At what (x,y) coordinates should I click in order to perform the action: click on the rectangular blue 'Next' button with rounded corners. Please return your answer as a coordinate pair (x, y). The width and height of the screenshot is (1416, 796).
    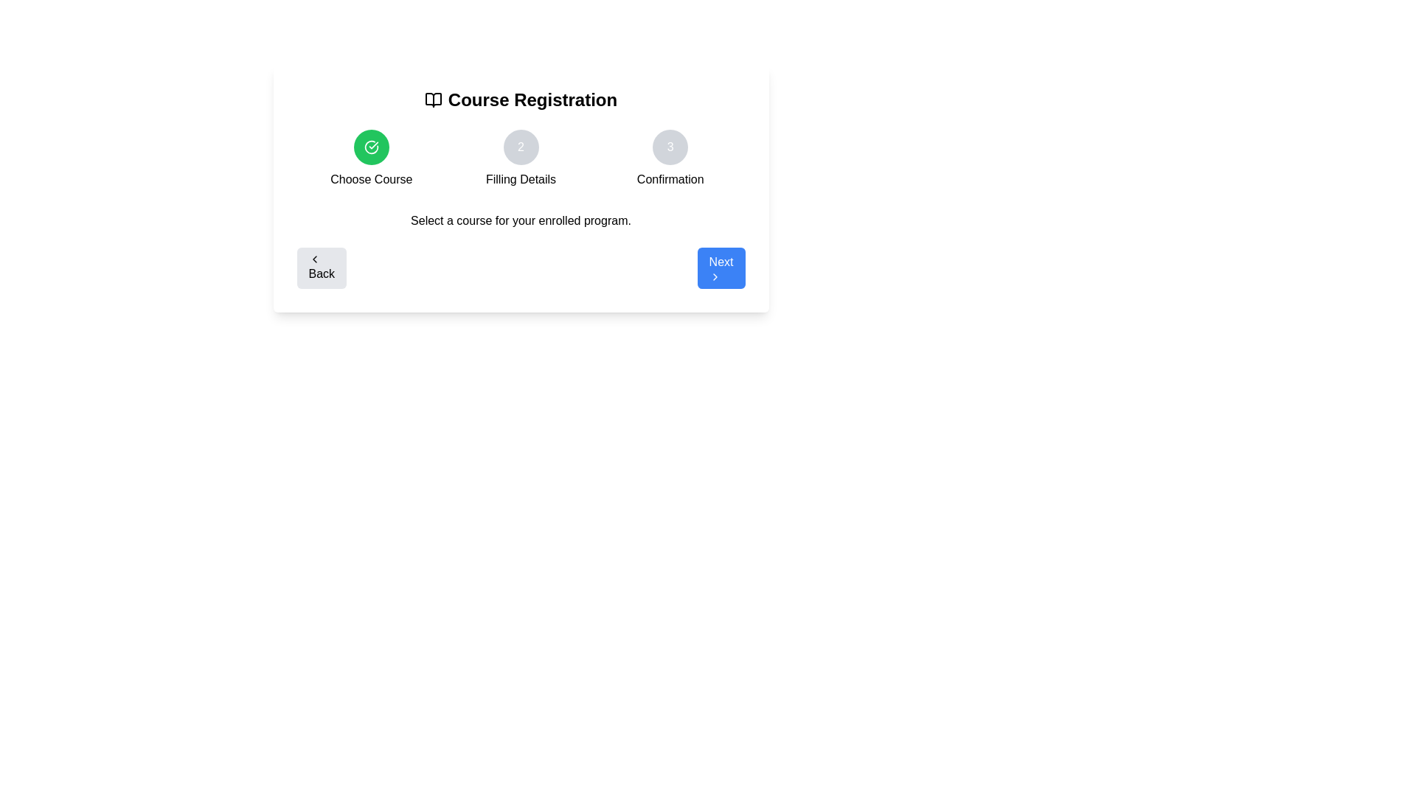
    Looking at the image, I should click on (721, 268).